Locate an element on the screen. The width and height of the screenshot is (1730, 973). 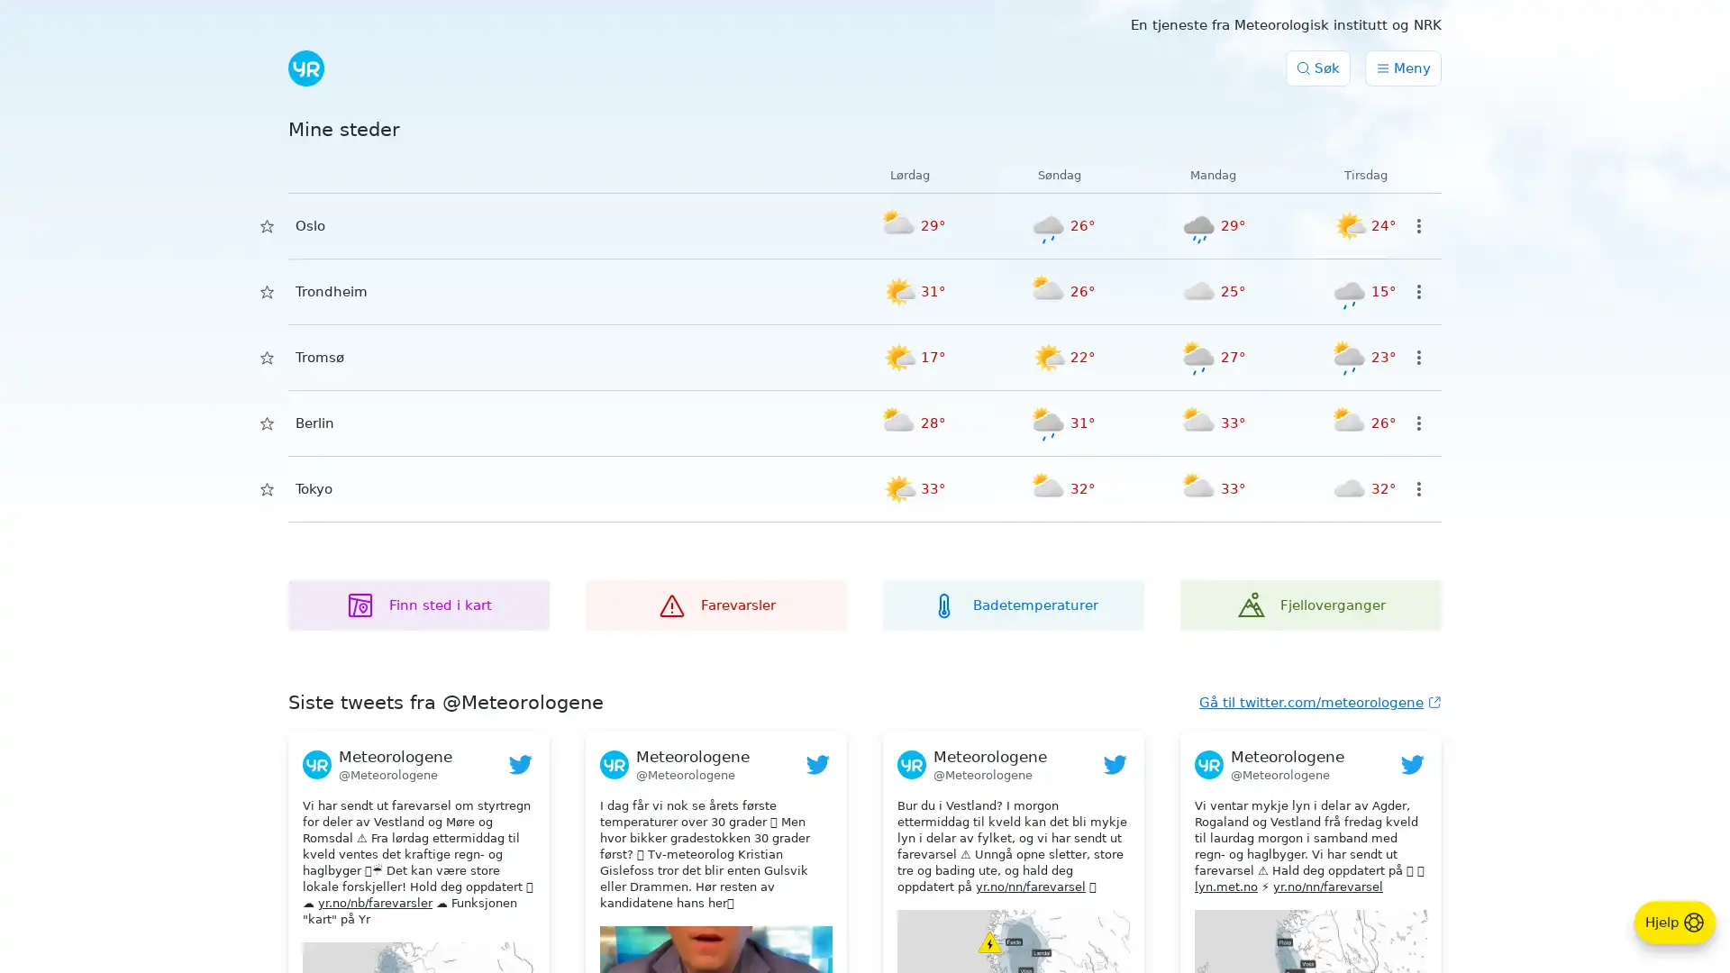
Submit is located at coordinates (332, 68).